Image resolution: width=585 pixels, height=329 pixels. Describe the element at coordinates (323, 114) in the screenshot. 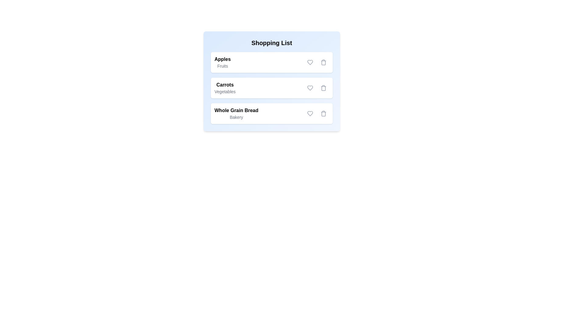

I see `delete button next to Whole Grain Bread to remove it from the list` at that location.